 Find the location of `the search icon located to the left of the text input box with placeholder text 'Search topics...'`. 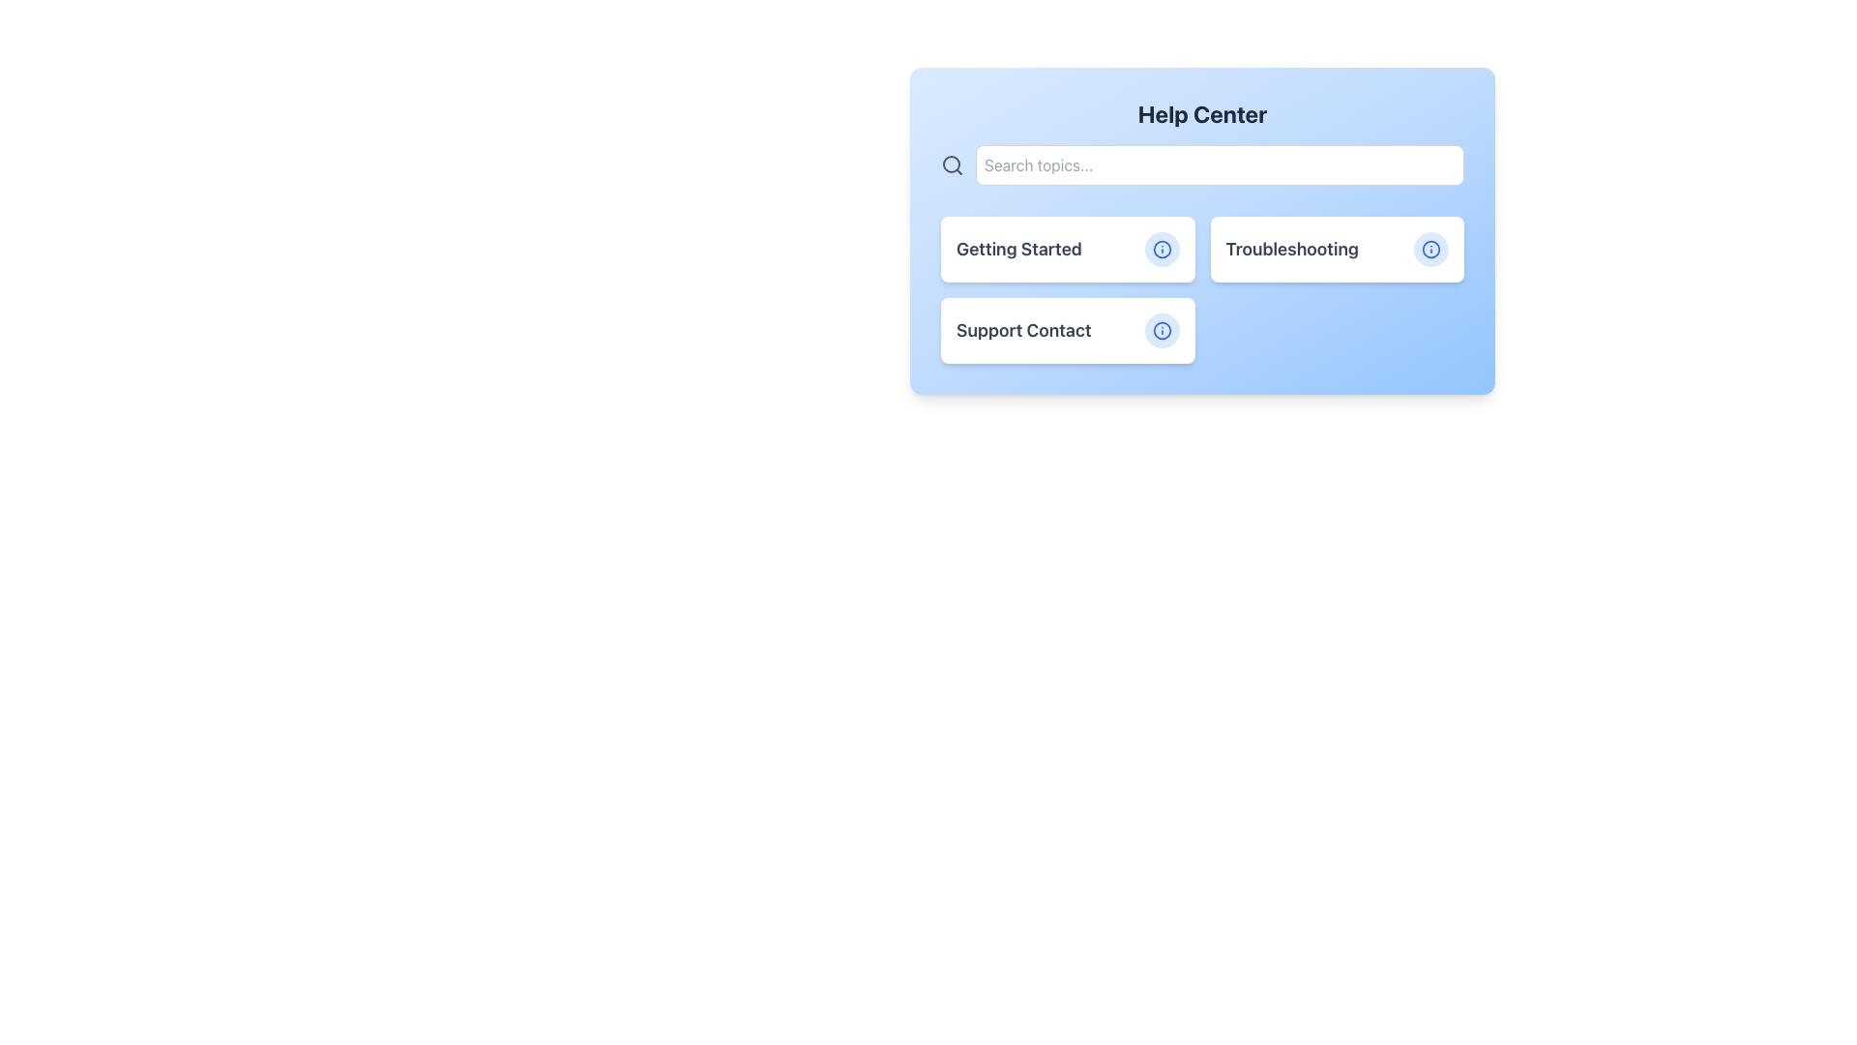

the search icon located to the left of the text input box with placeholder text 'Search topics...' is located at coordinates (952, 164).